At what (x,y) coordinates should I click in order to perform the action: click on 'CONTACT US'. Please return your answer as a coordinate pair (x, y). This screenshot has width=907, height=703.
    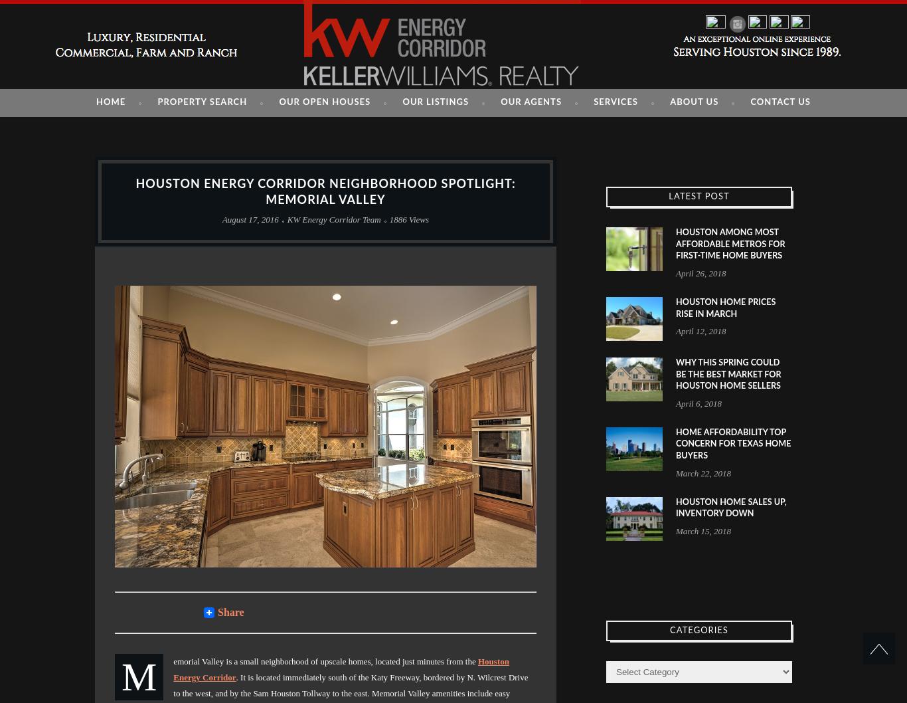
    Looking at the image, I should click on (749, 102).